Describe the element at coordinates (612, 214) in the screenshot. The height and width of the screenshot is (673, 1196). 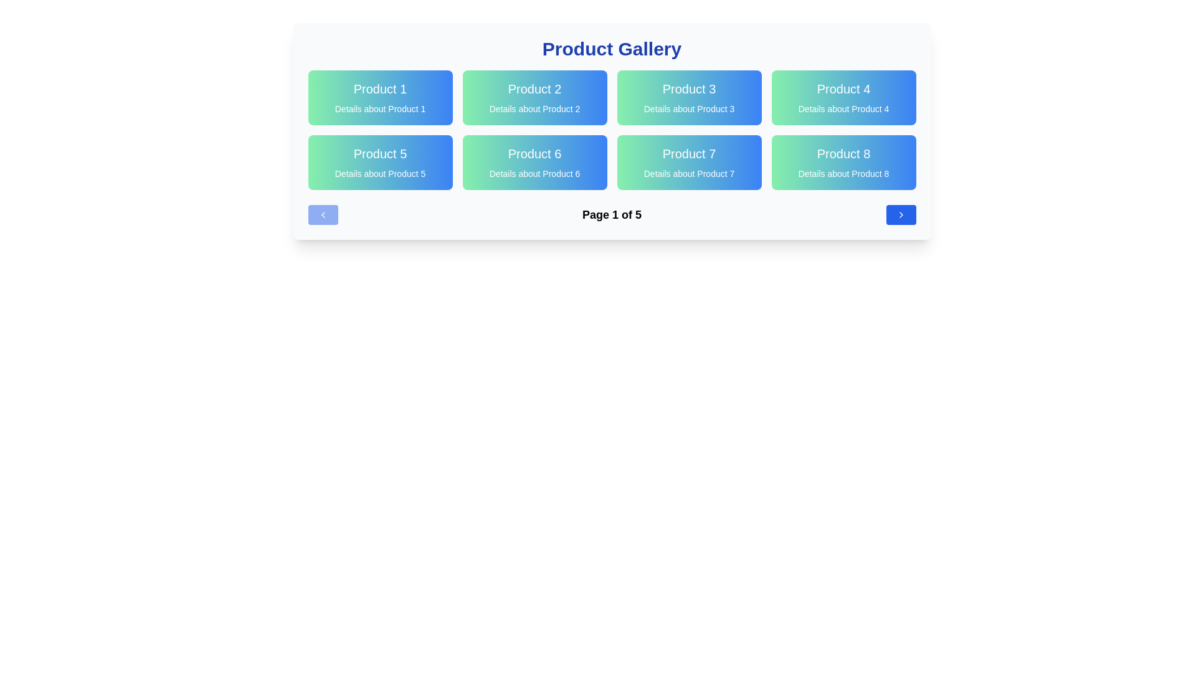
I see `the label displaying 'Page 1 of 5', which is centrally aligned within the navigation bar at the bottom of the content area` at that location.